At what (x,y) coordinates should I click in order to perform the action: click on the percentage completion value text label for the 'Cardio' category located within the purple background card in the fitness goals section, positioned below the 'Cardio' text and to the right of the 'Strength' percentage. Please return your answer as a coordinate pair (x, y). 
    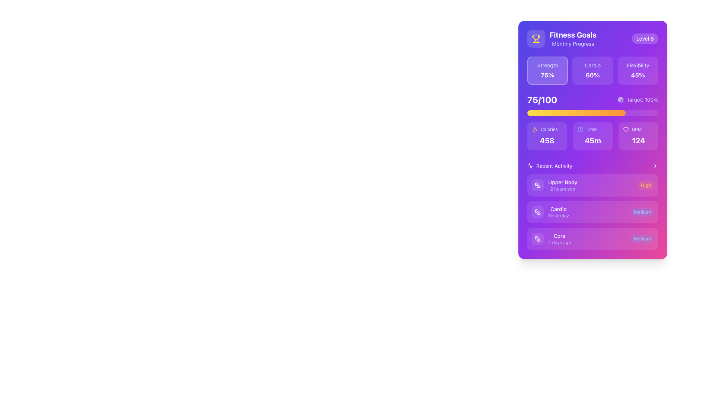
    Looking at the image, I should click on (592, 75).